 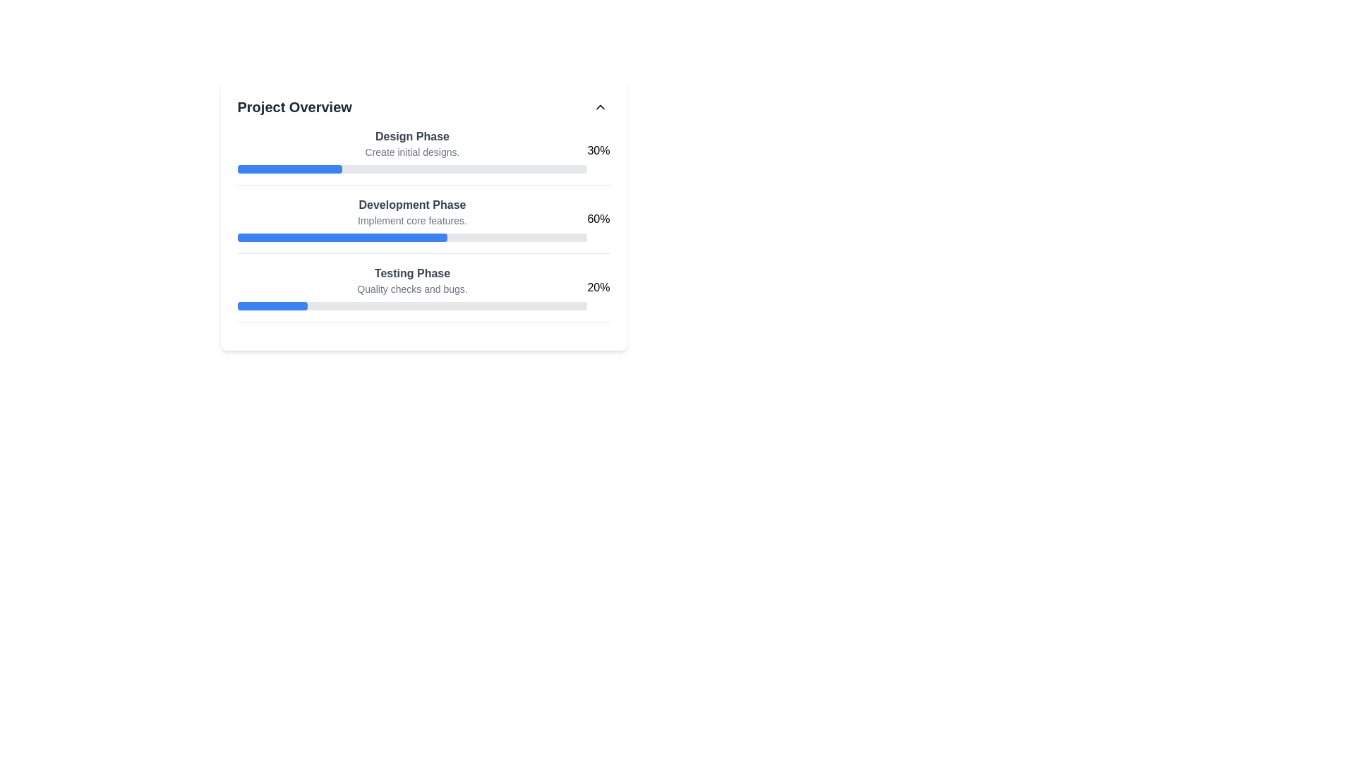 What do you see at coordinates (411, 168) in the screenshot?
I see `the horizontal progress bar located below the 'Design Phase' title and above the 'Development Phase' section, which has a gray background and a blue progress portion covering about 30% of its width` at bounding box center [411, 168].